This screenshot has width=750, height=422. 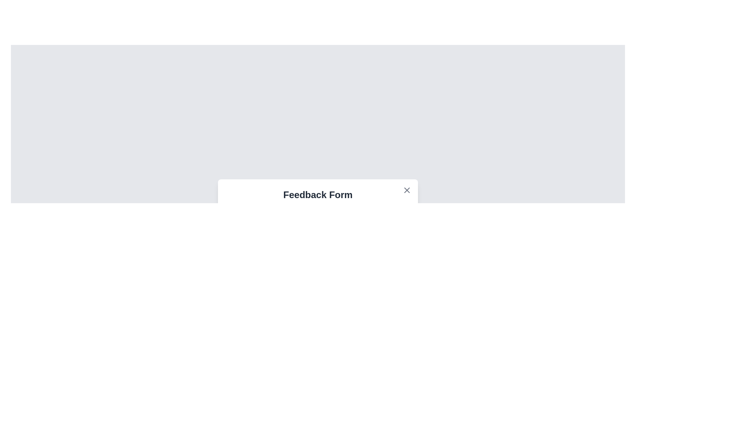 I want to click on the 'X' icon close button located at the top-right corner of the 'Feedback Form' modal, so click(x=406, y=190).